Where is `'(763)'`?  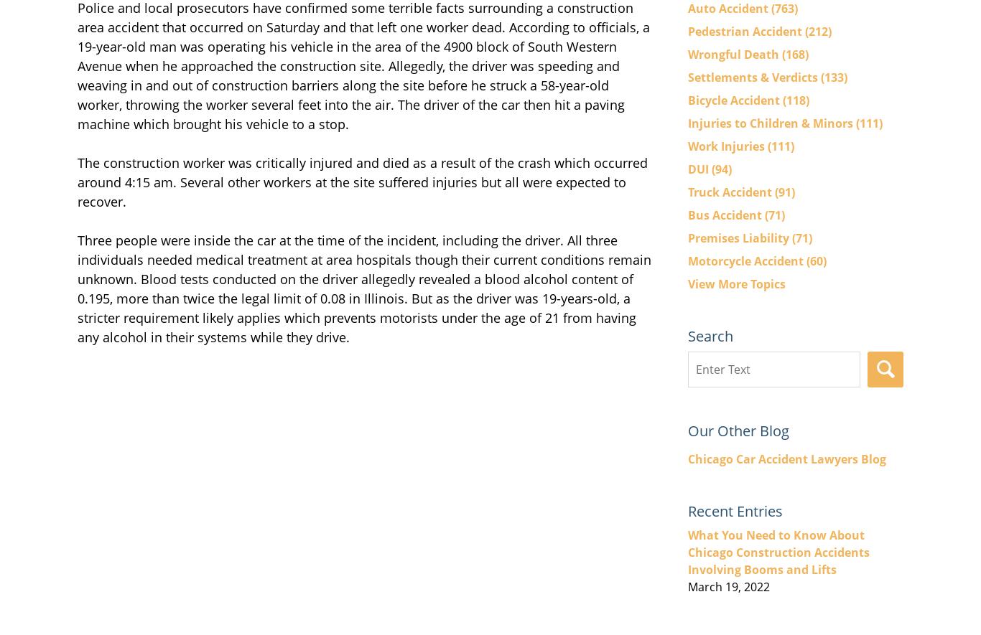 '(763)' is located at coordinates (784, 7).